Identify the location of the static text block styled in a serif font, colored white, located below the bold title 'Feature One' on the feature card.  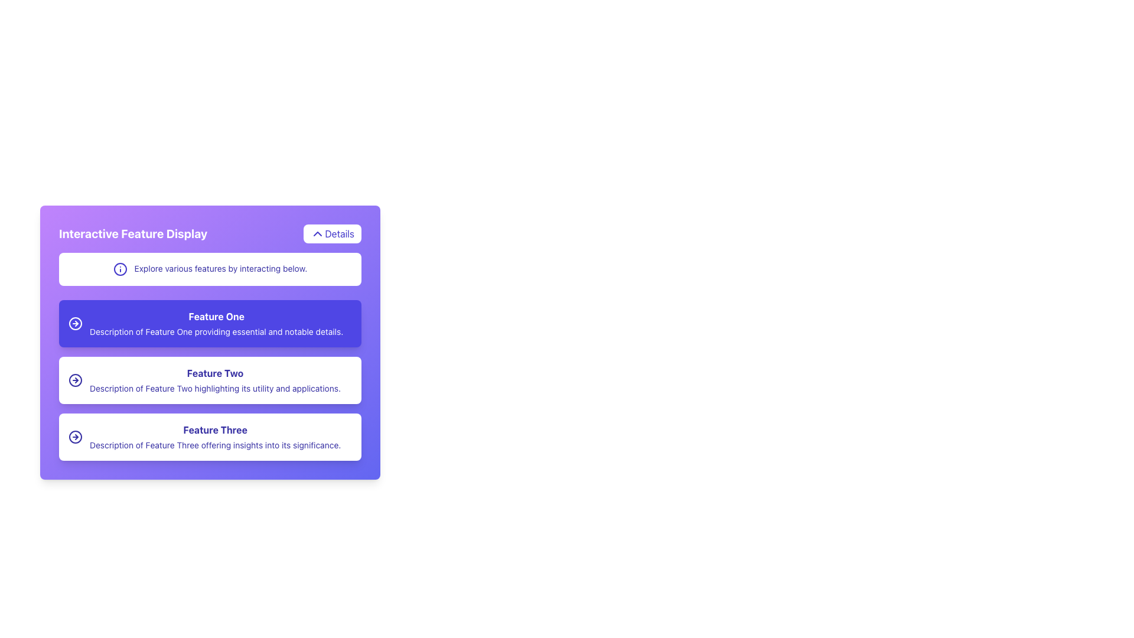
(216, 332).